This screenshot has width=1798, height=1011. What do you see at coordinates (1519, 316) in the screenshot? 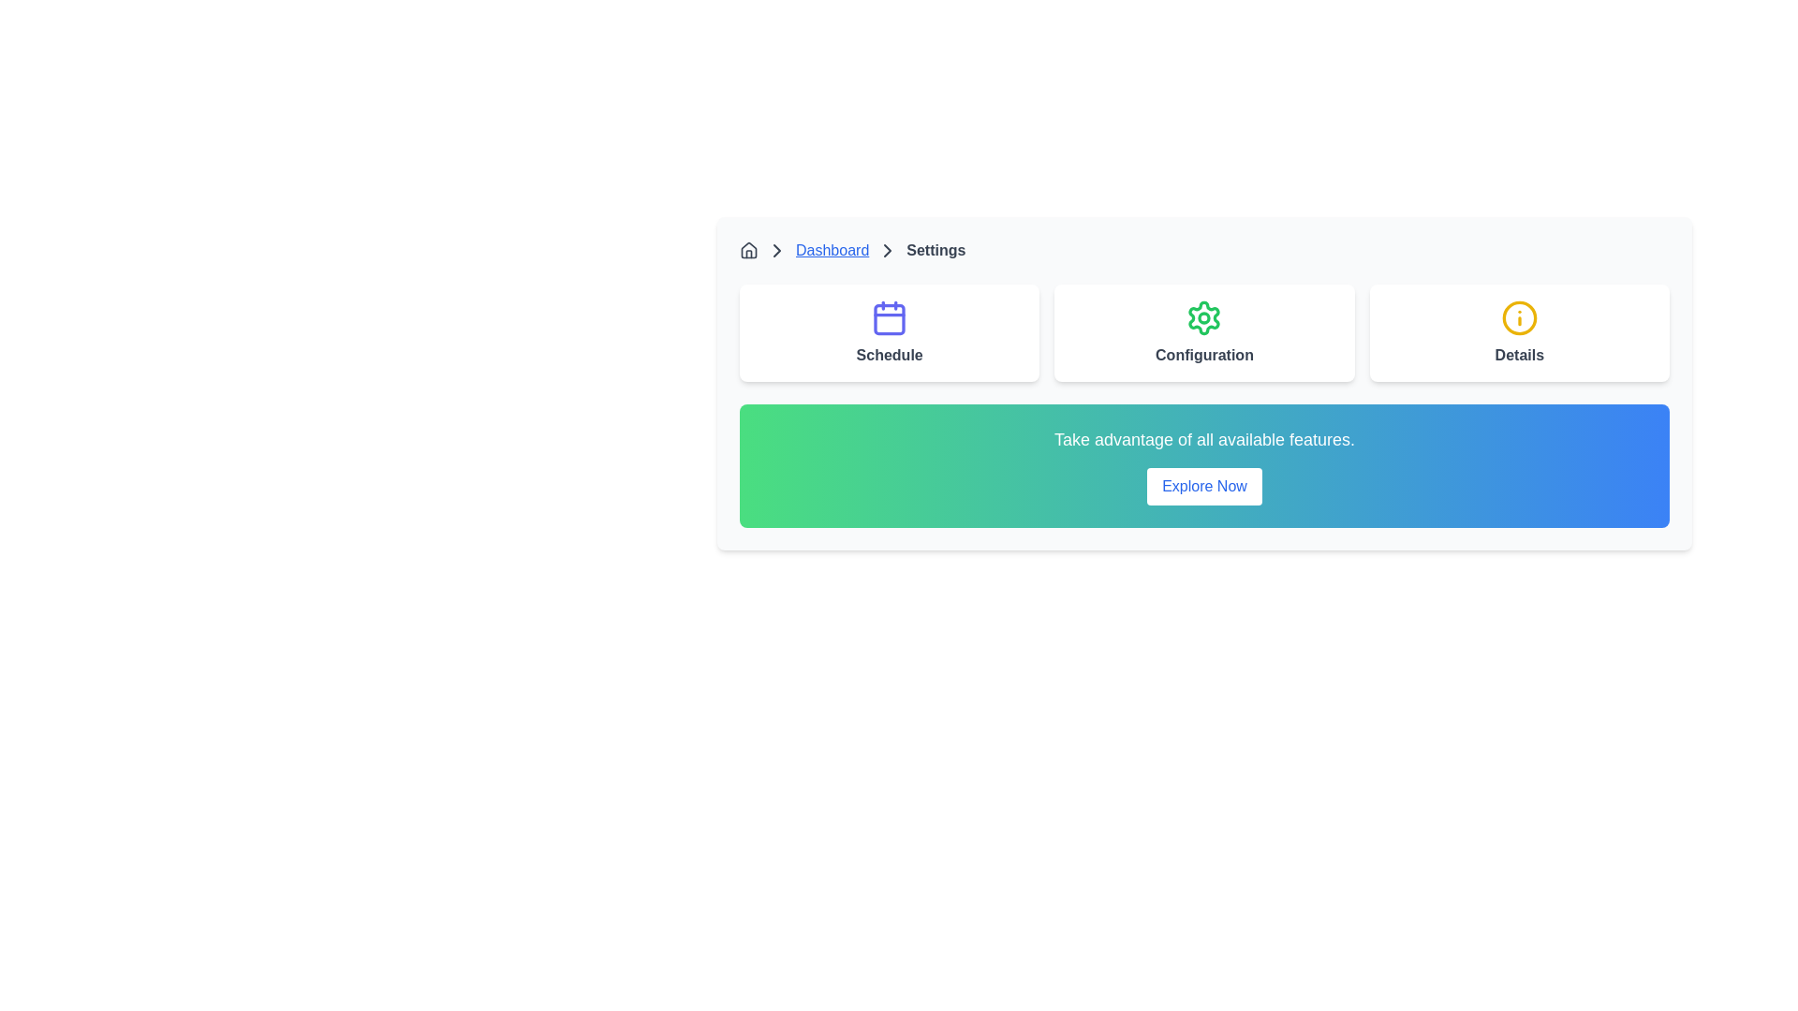
I see `the 'Details' icon located at the top-center of the 'Details' card, which symbolizes information that can be explored` at bounding box center [1519, 316].